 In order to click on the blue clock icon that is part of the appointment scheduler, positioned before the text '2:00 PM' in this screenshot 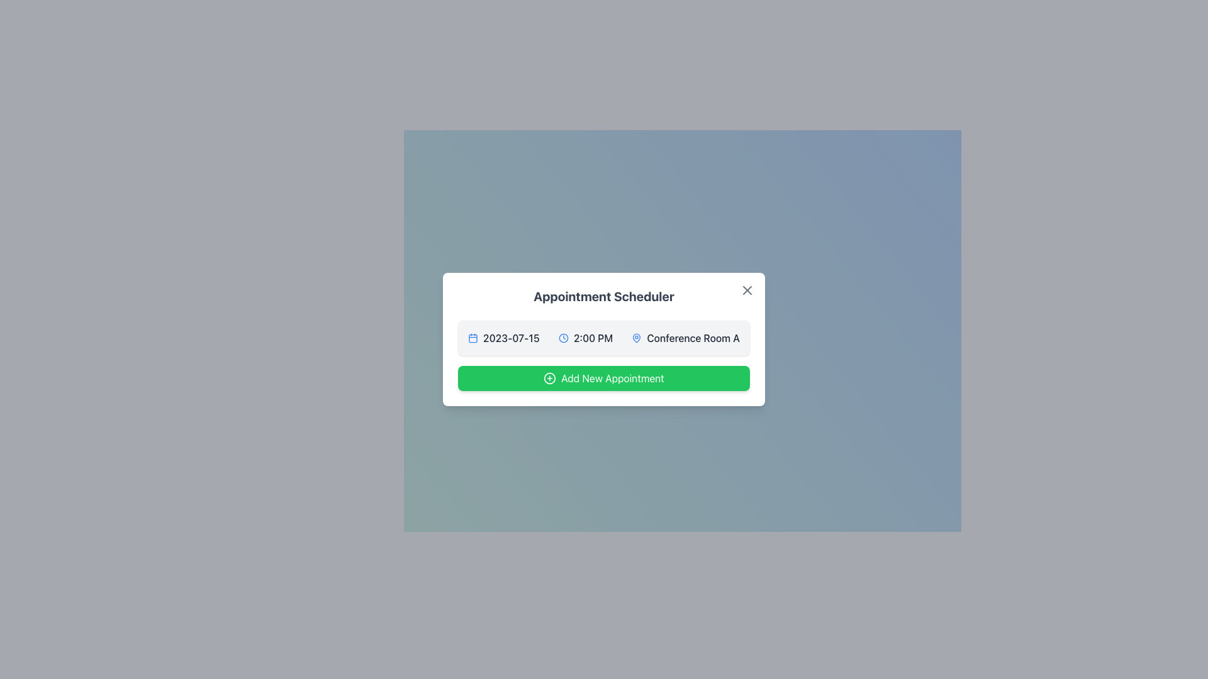, I will do `click(562, 337)`.